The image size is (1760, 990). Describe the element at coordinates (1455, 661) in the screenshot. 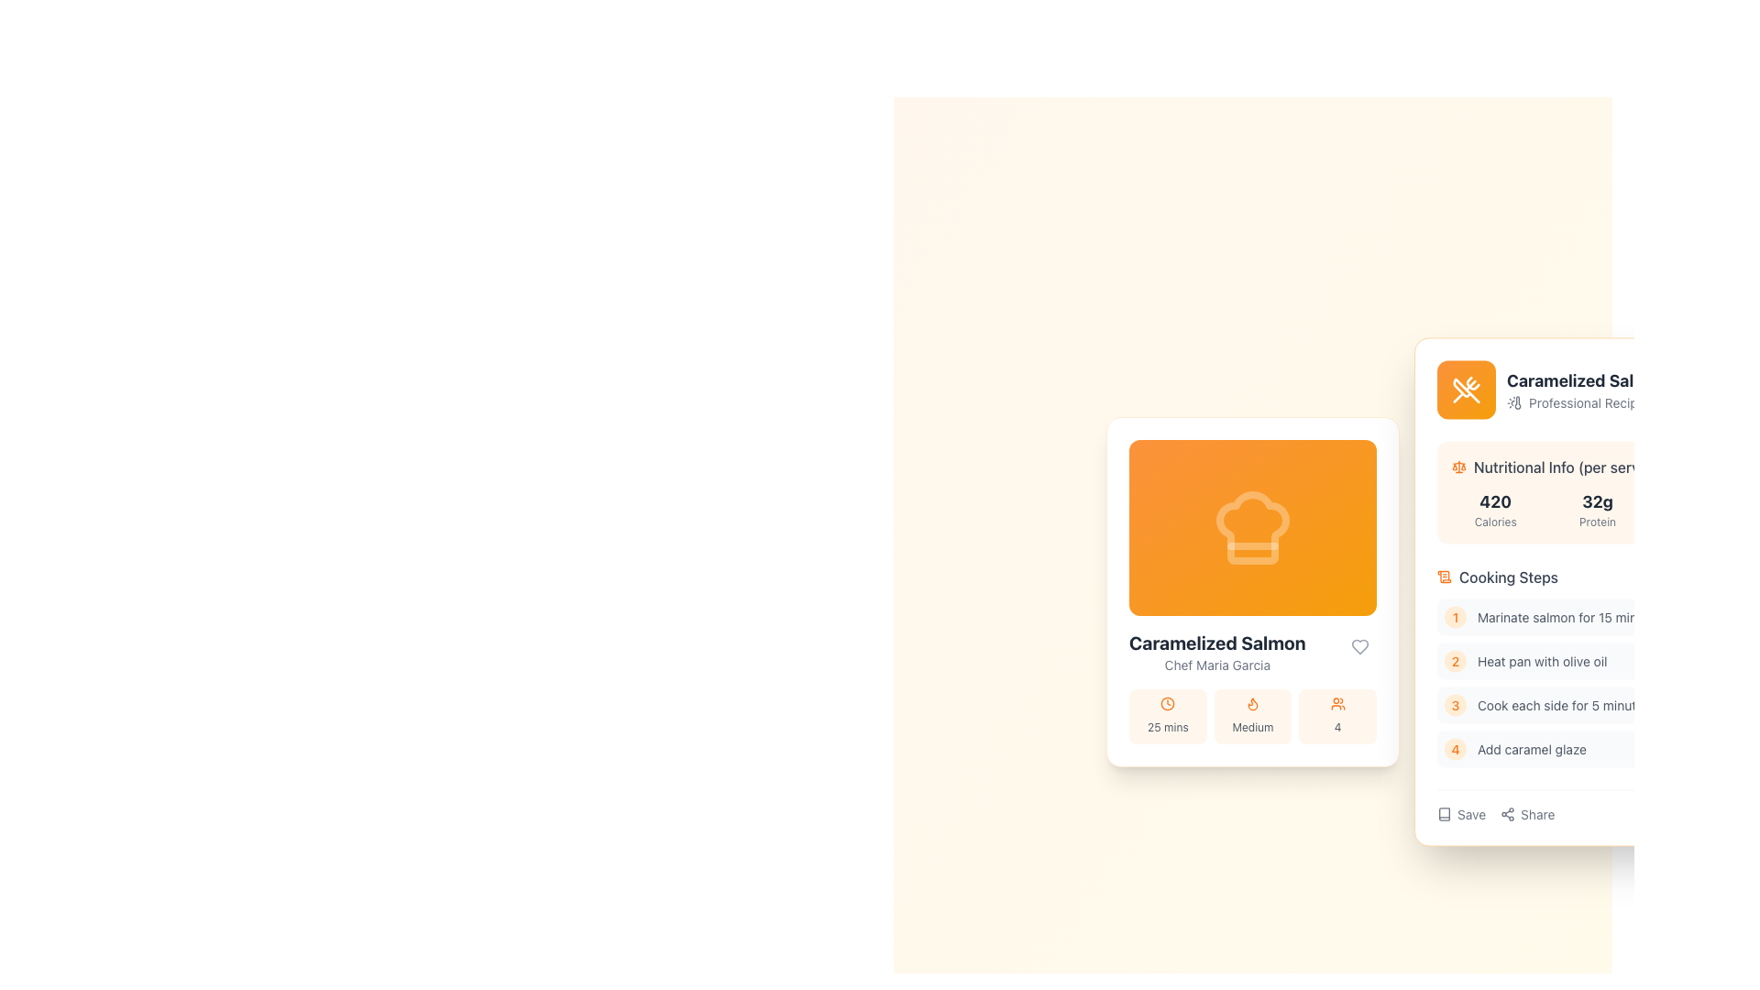

I see `the content of the step number indicator located on the left side of the 'Cooking Steps' section, which displays the sequence number for the cooking step 'Heat pan with olive oil'` at that location.